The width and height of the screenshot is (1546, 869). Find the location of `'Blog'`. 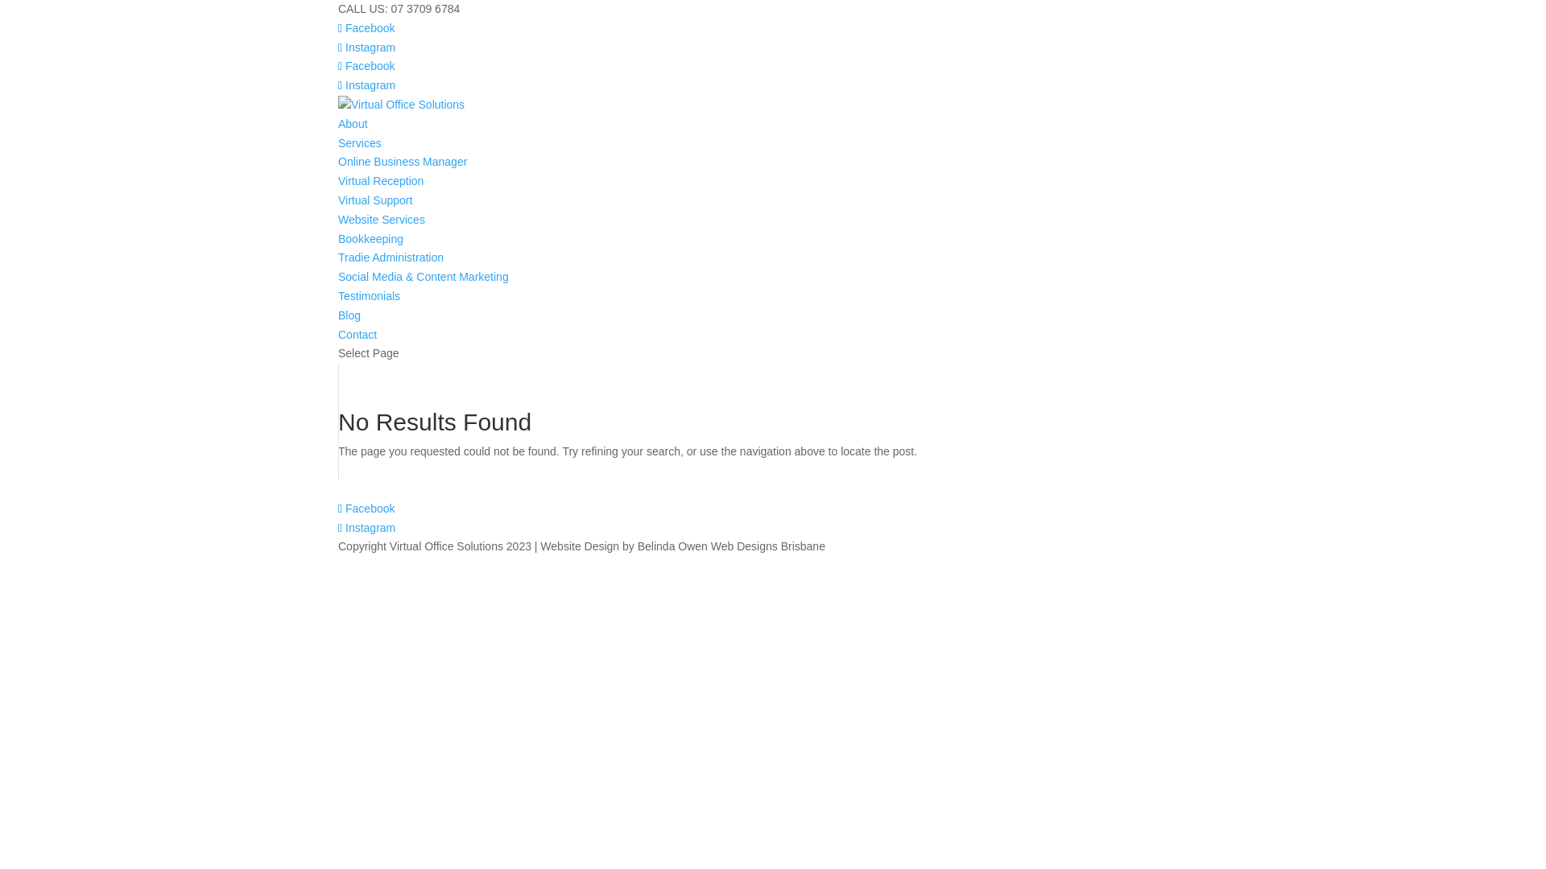

'Blog' is located at coordinates (348, 315).